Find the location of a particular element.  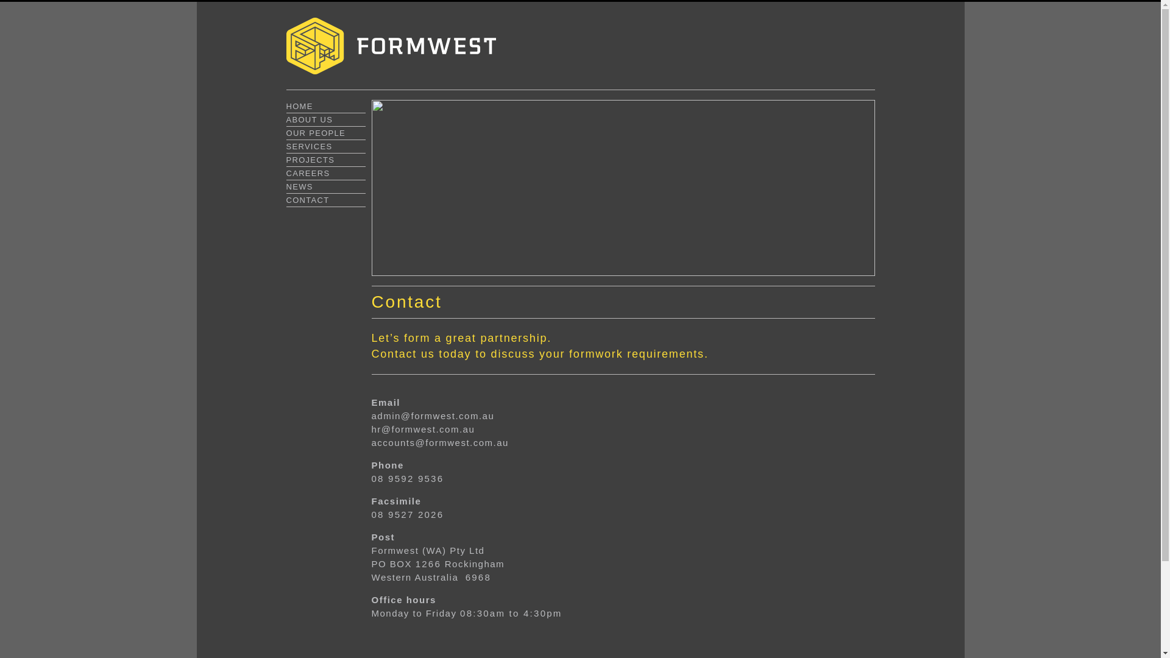

'accounts@formwest.com.au' is located at coordinates (439, 442).